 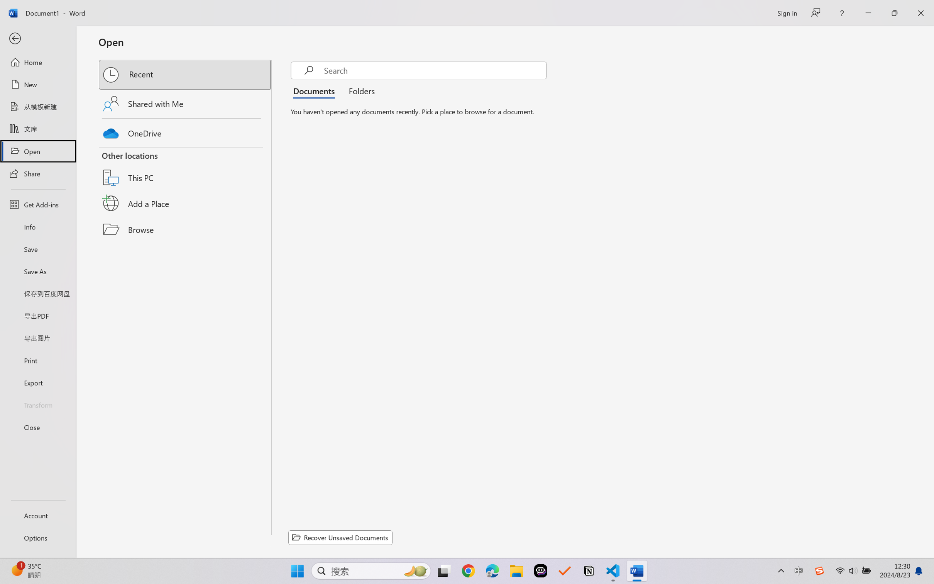 I want to click on 'OneDrive', so click(x=185, y=131).